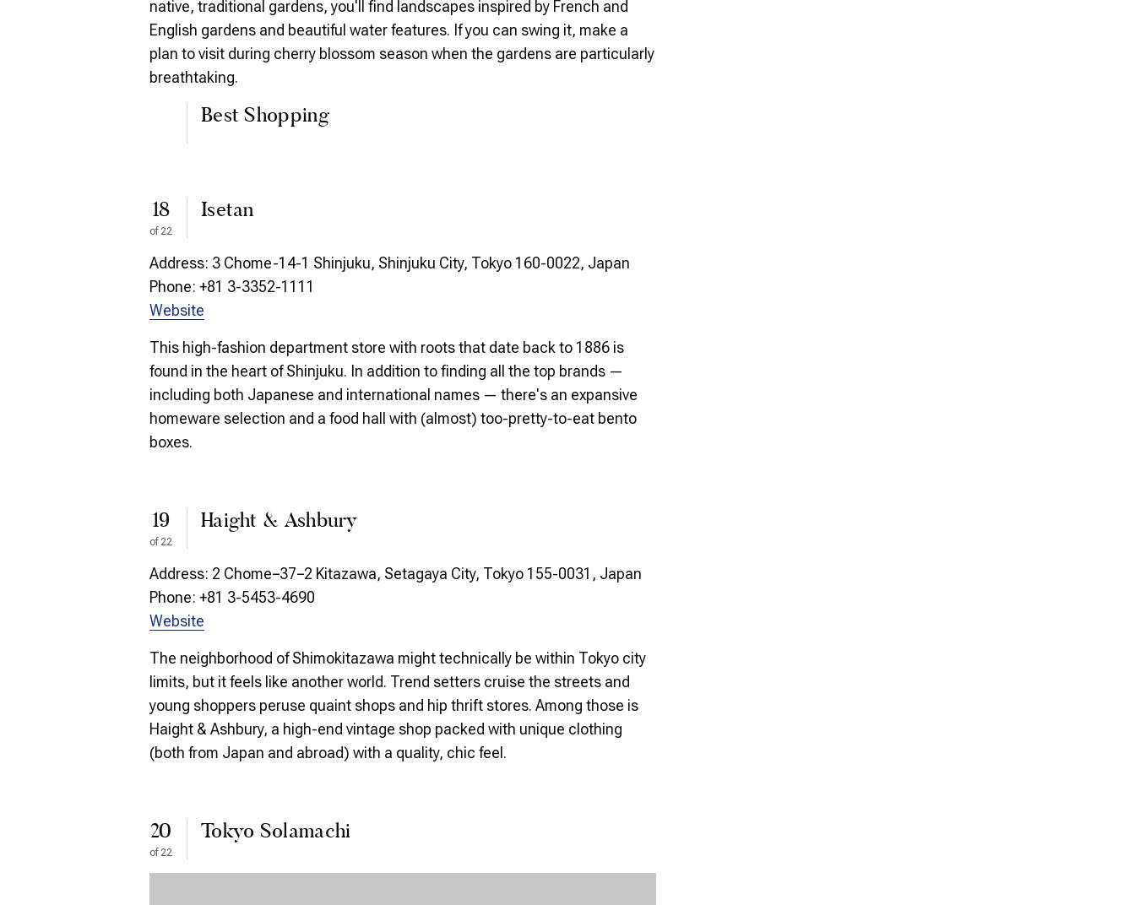 The height and width of the screenshot is (905, 1140). I want to click on 'Address: 3 Chome-14-1 Shinjuku, Shinjuku City, Tokyo 160-0022, Japan', so click(388, 261).